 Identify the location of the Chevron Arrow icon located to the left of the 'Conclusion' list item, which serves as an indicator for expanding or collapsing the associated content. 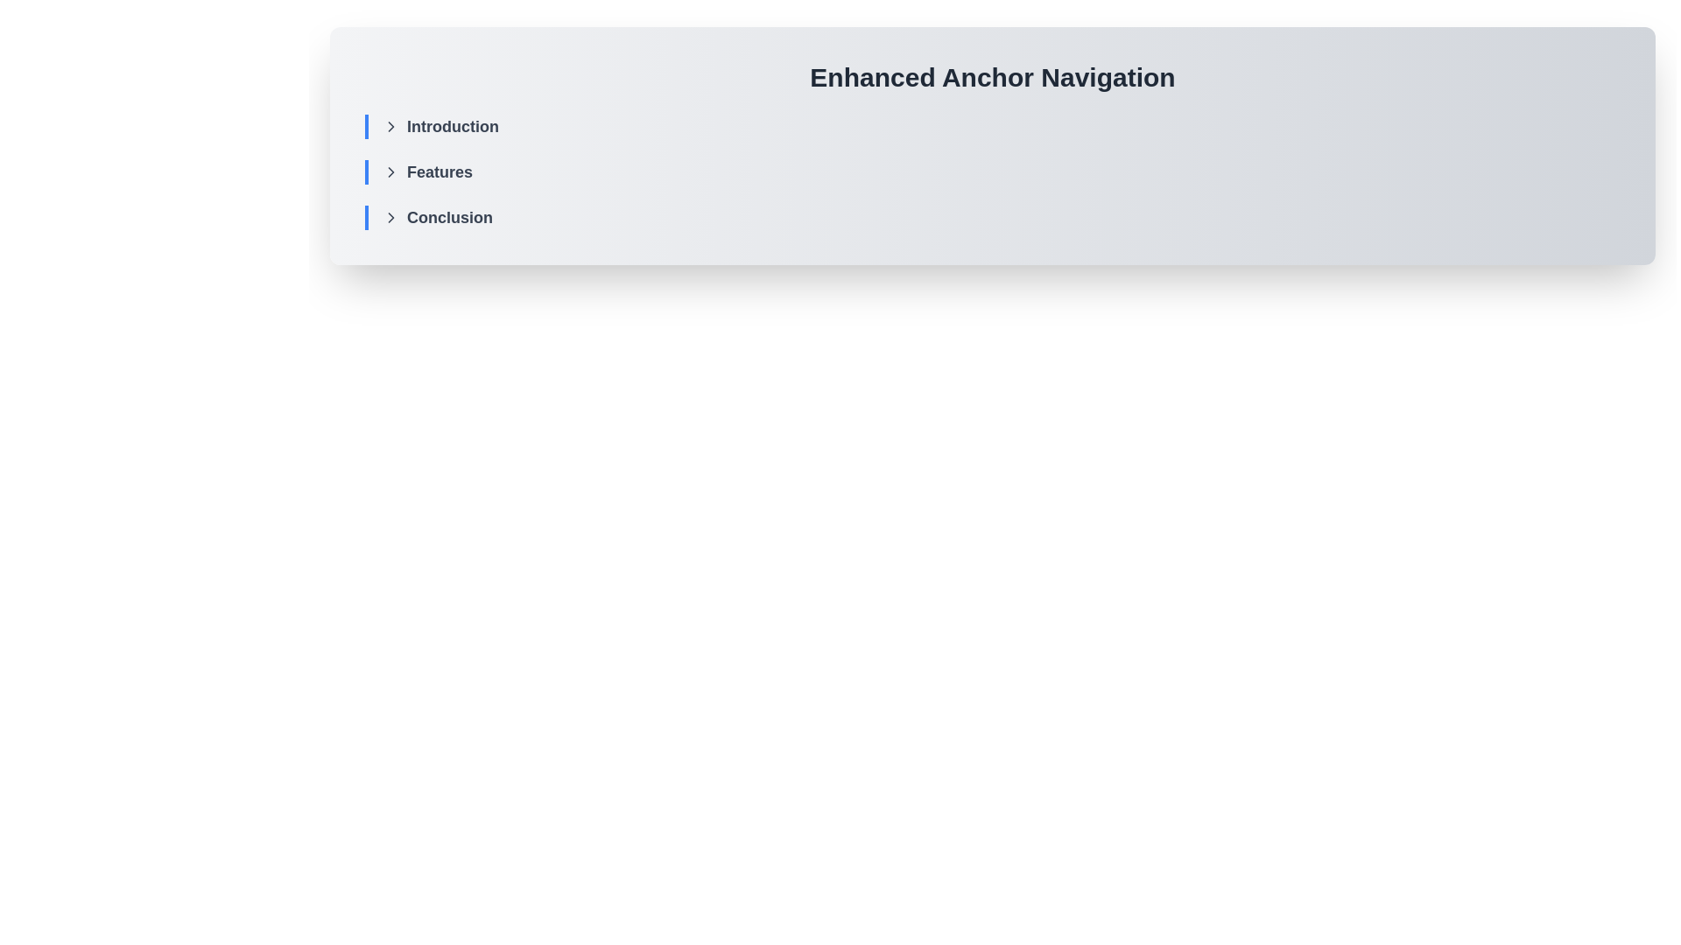
(390, 217).